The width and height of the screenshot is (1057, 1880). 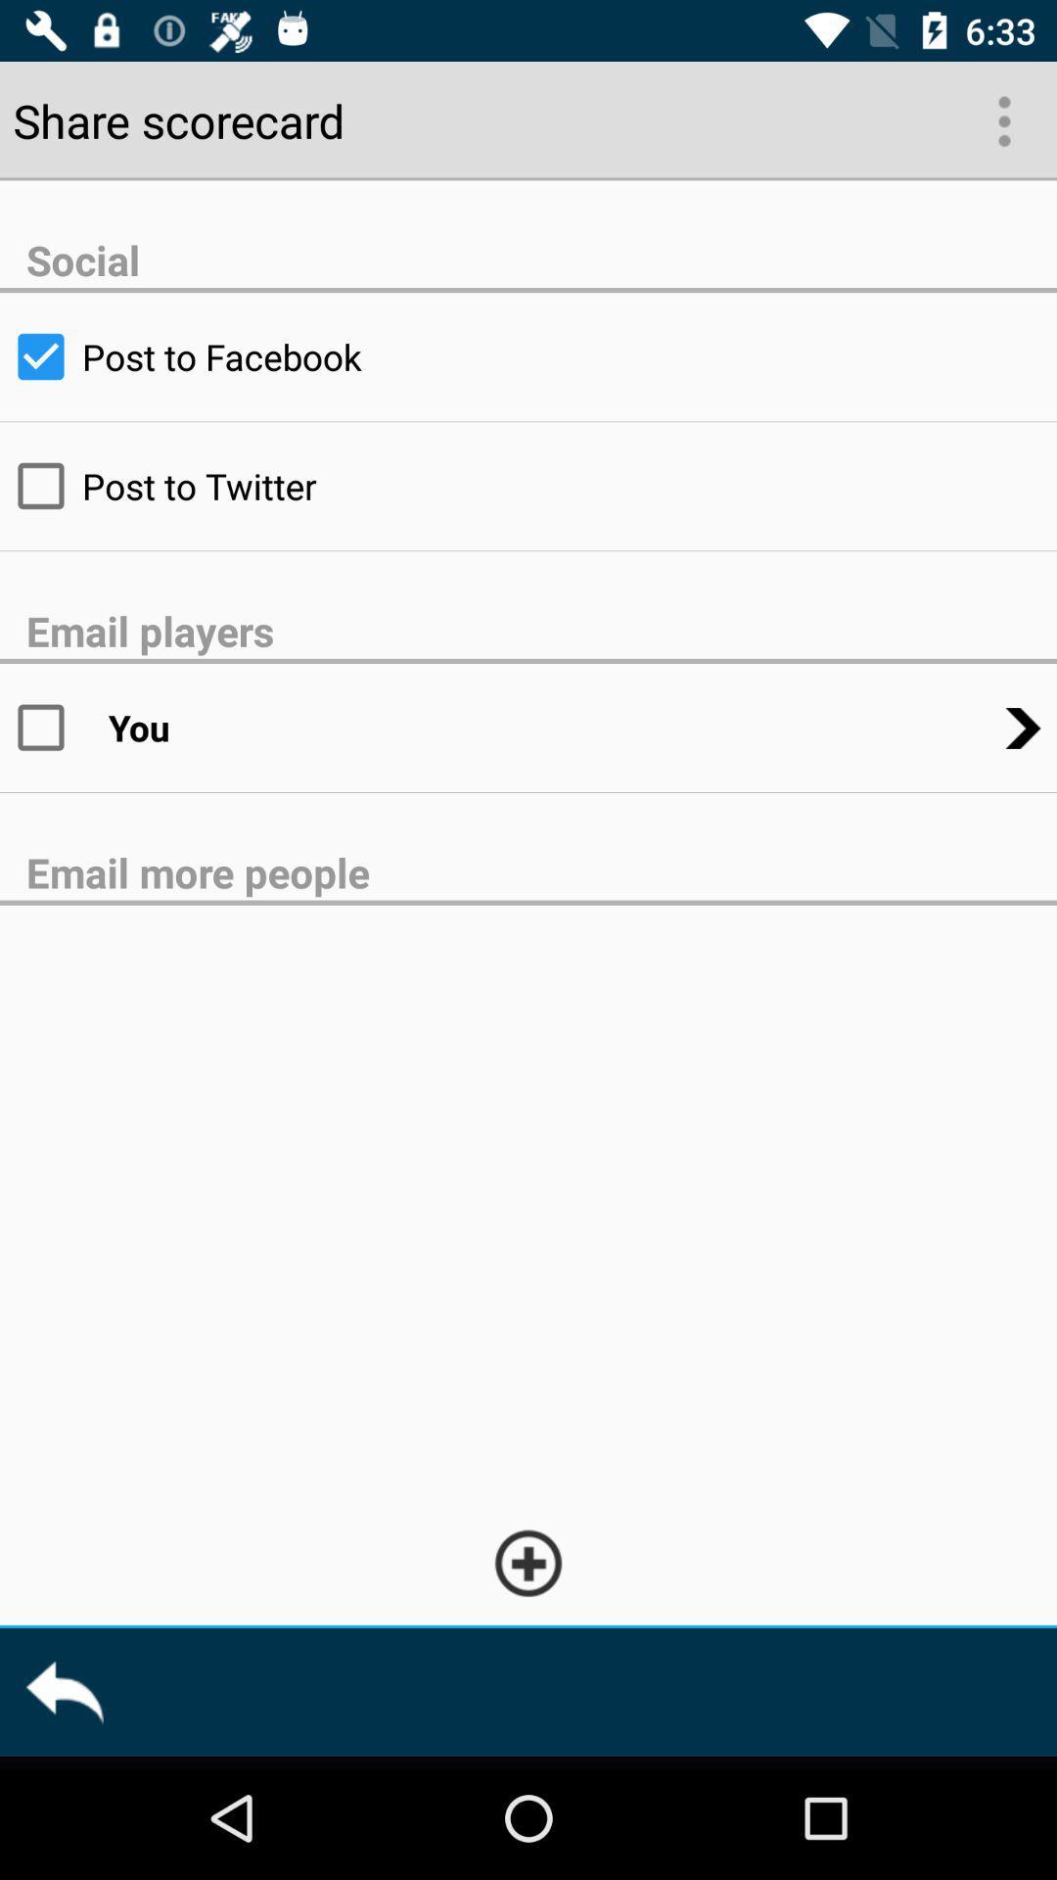 I want to click on icon to the left of the you icon, so click(x=53, y=727).